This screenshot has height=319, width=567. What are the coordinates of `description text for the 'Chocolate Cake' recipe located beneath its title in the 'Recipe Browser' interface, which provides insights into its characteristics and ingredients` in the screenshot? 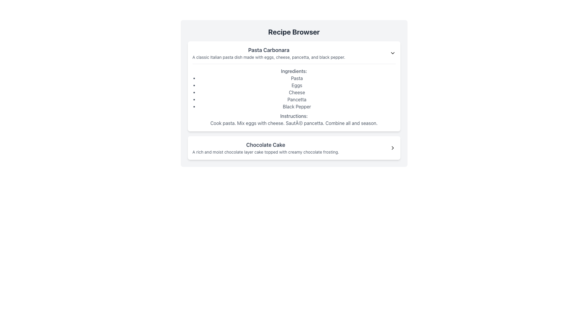 It's located at (265, 152).